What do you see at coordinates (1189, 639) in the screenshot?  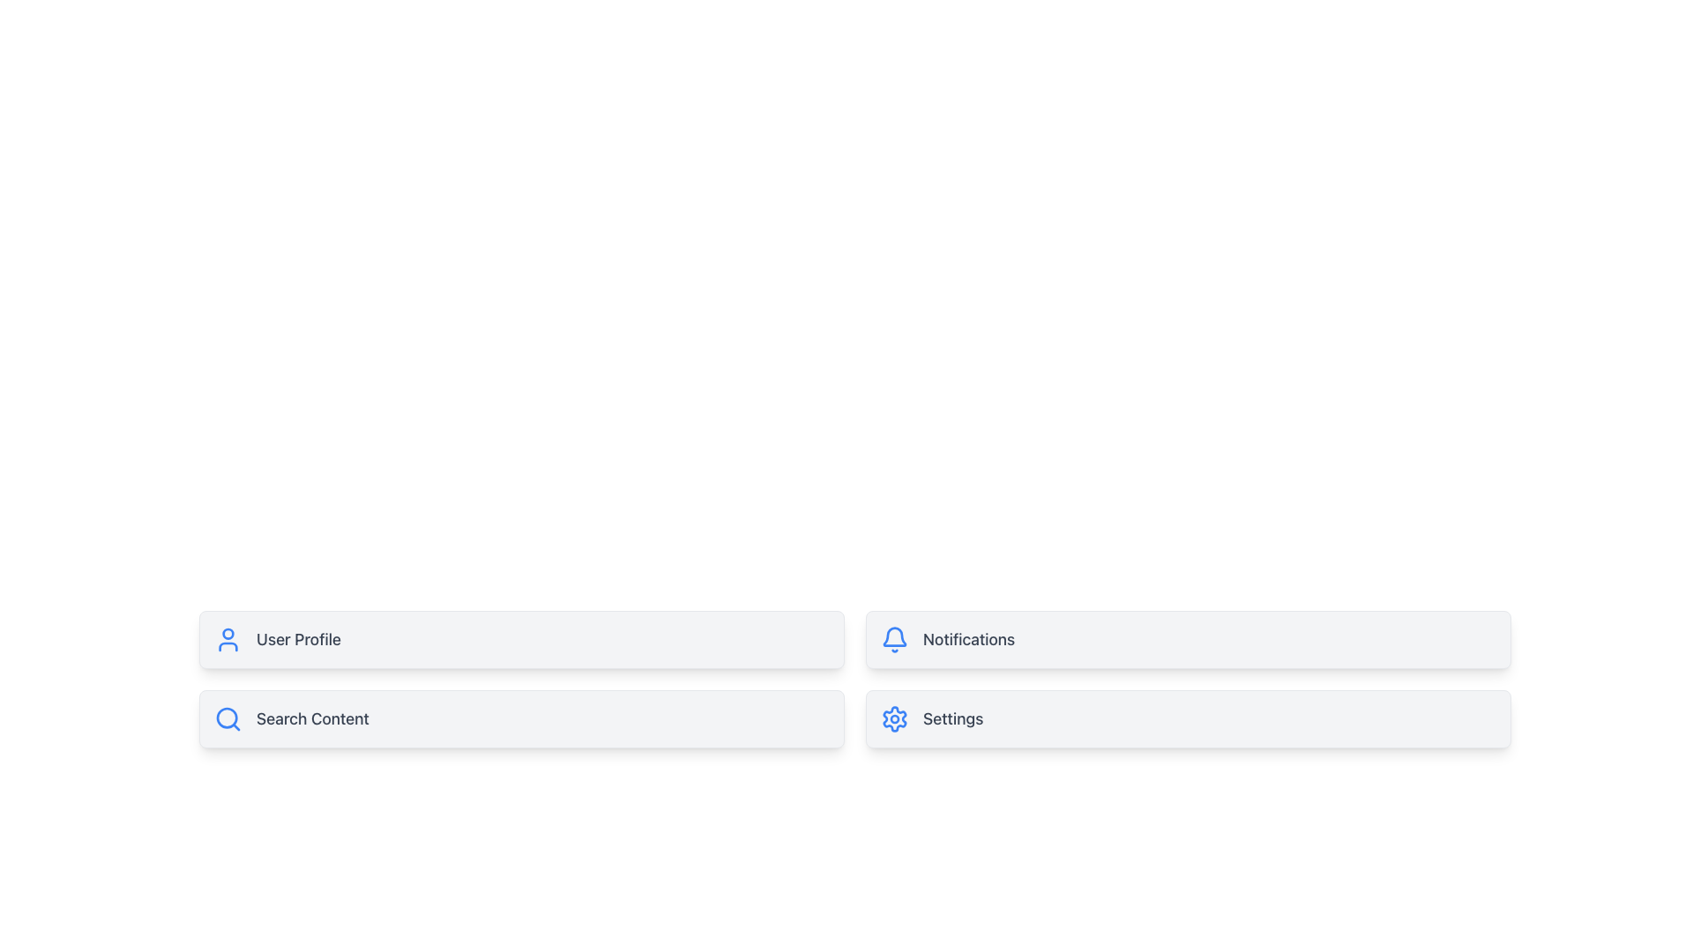 I see `the notifications card, which is the second card in a 2-column grid layout` at bounding box center [1189, 639].